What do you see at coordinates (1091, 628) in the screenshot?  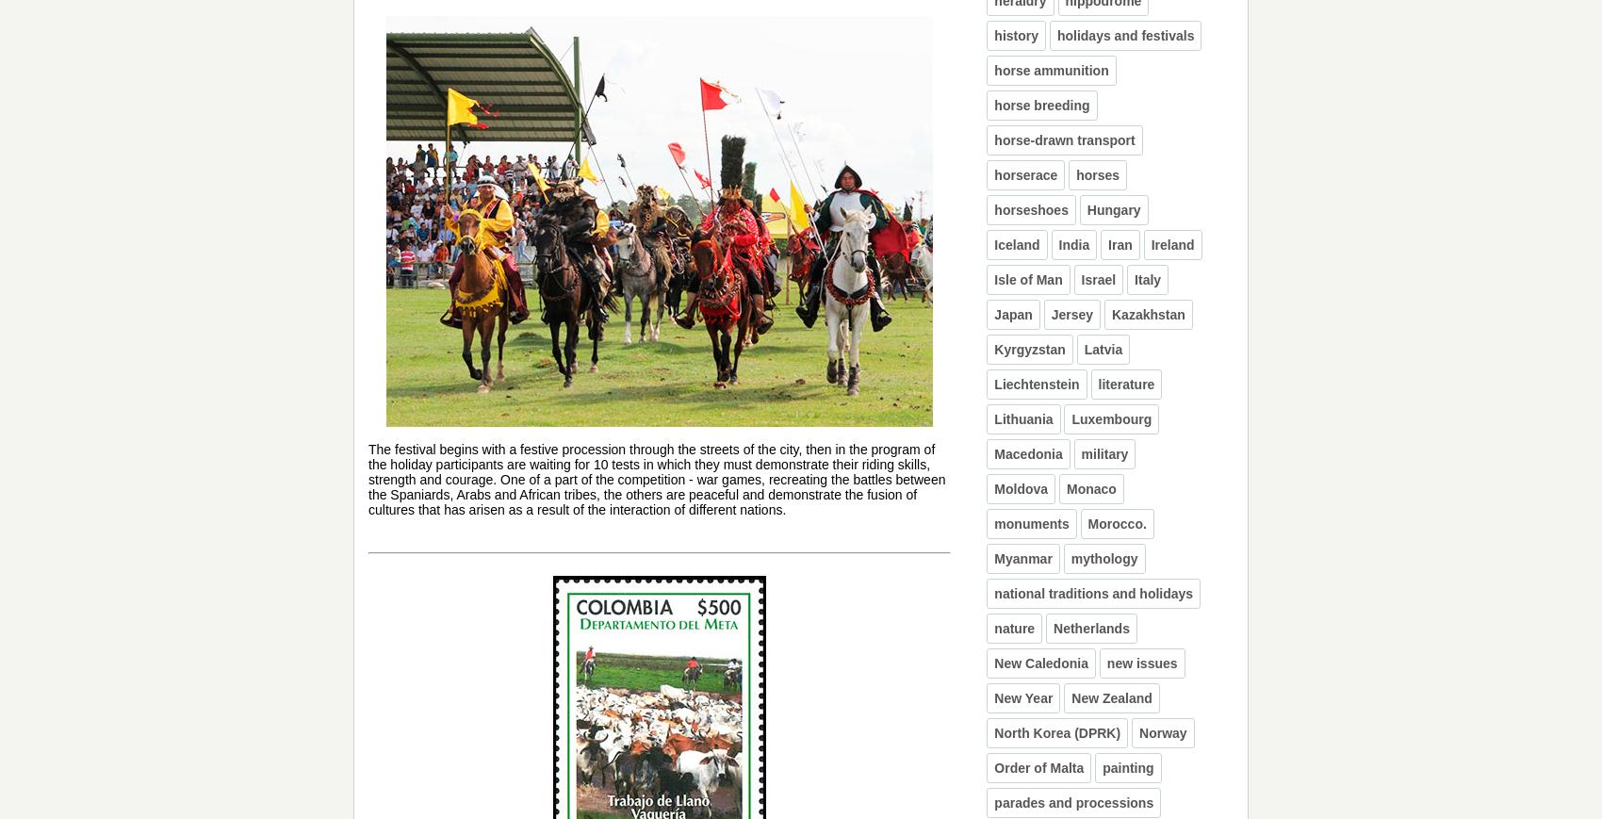 I see `'Netherlands'` at bounding box center [1091, 628].